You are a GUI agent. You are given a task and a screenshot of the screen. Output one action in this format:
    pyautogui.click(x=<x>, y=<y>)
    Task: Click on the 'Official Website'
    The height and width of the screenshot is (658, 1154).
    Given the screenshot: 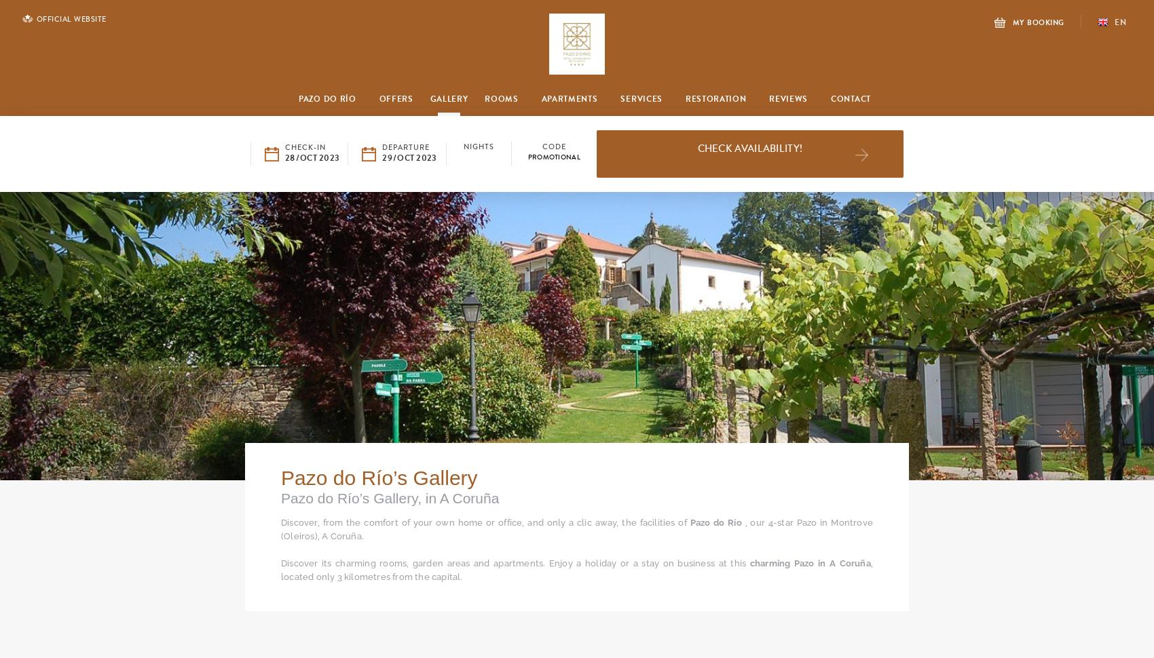 What is the action you would take?
    pyautogui.click(x=71, y=19)
    